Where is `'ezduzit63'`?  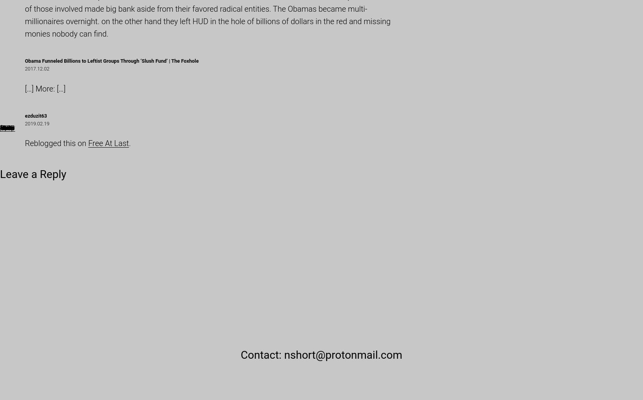 'ezduzit63' is located at coordinates (36, 115).